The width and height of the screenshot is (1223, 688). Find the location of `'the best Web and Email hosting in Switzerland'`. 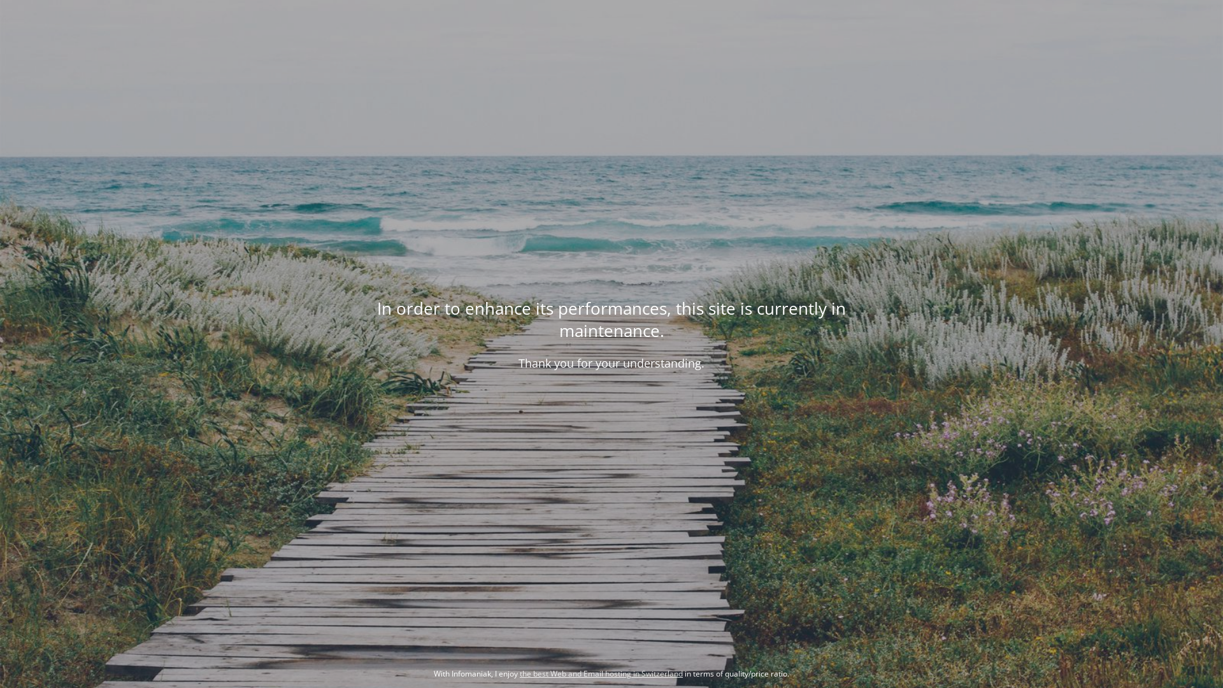

'the best Web and Email hosting in Switzerland' is located at coordinates (601, 673).